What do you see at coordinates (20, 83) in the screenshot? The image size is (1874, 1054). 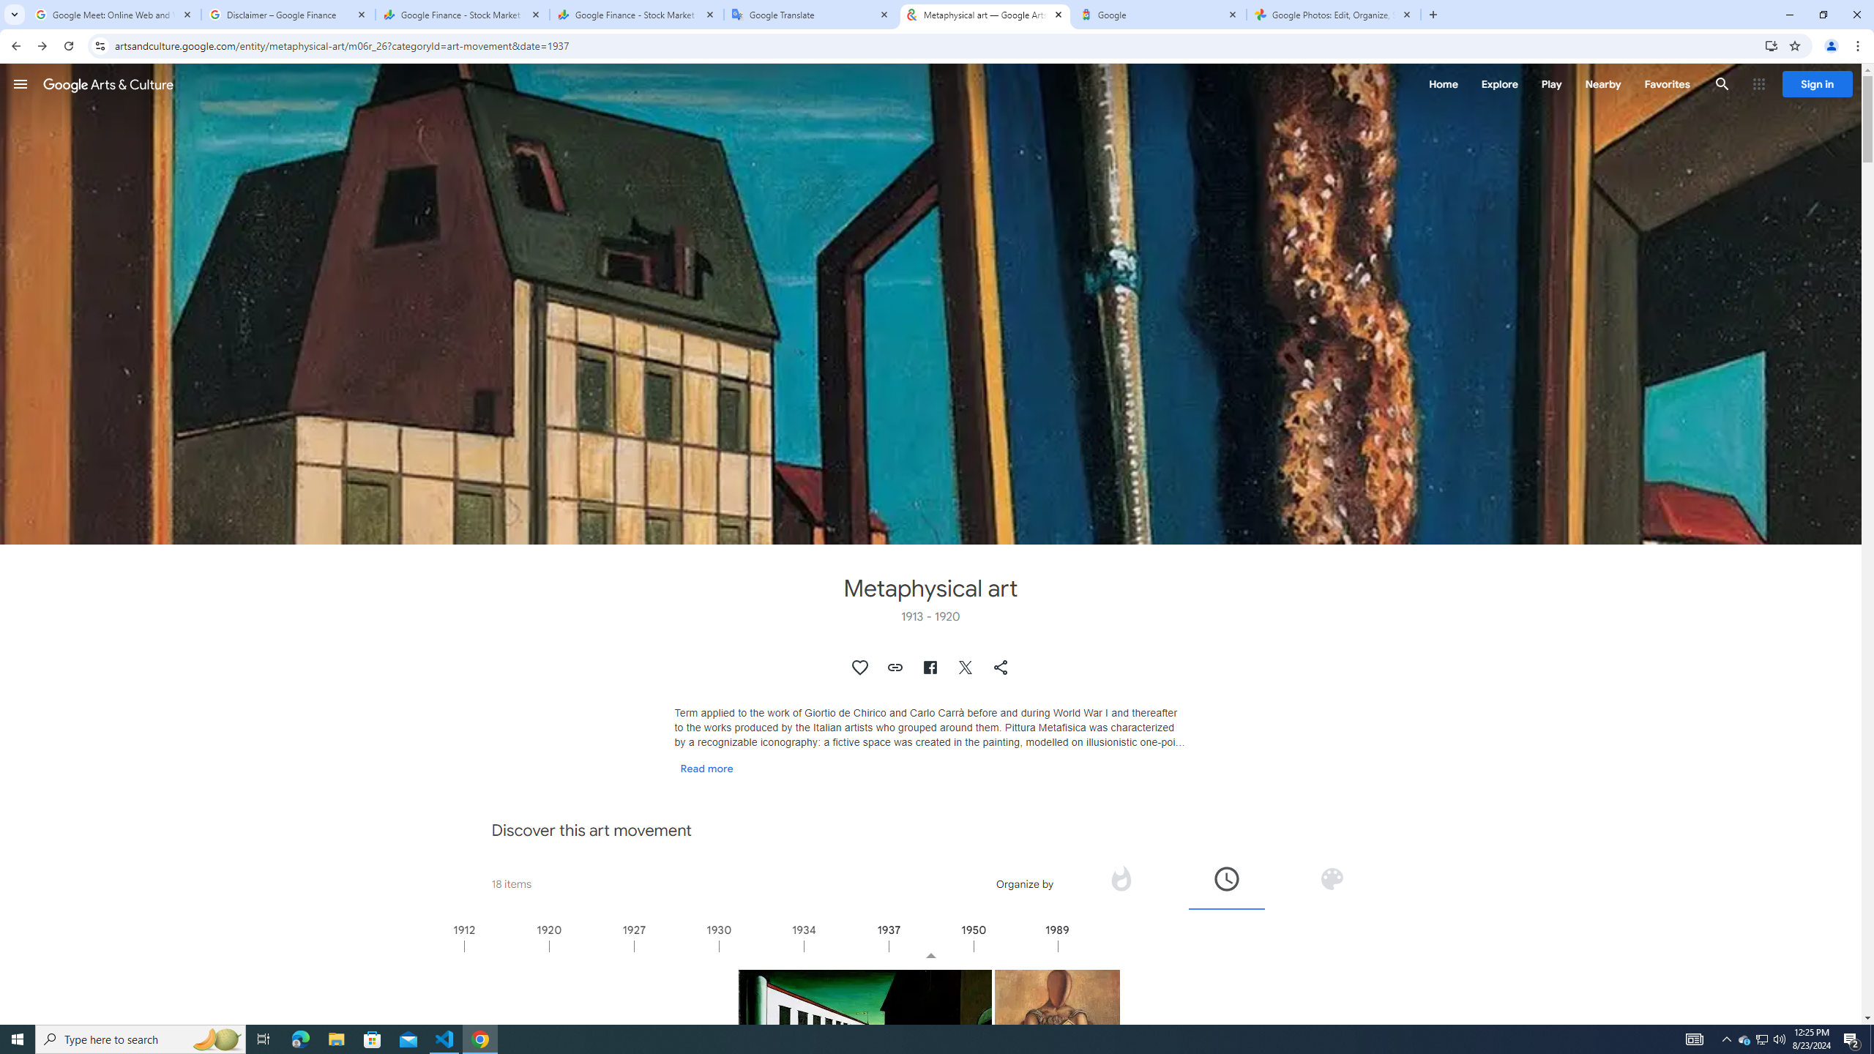 I see `'Menu'` at bounding box center [20, 83].